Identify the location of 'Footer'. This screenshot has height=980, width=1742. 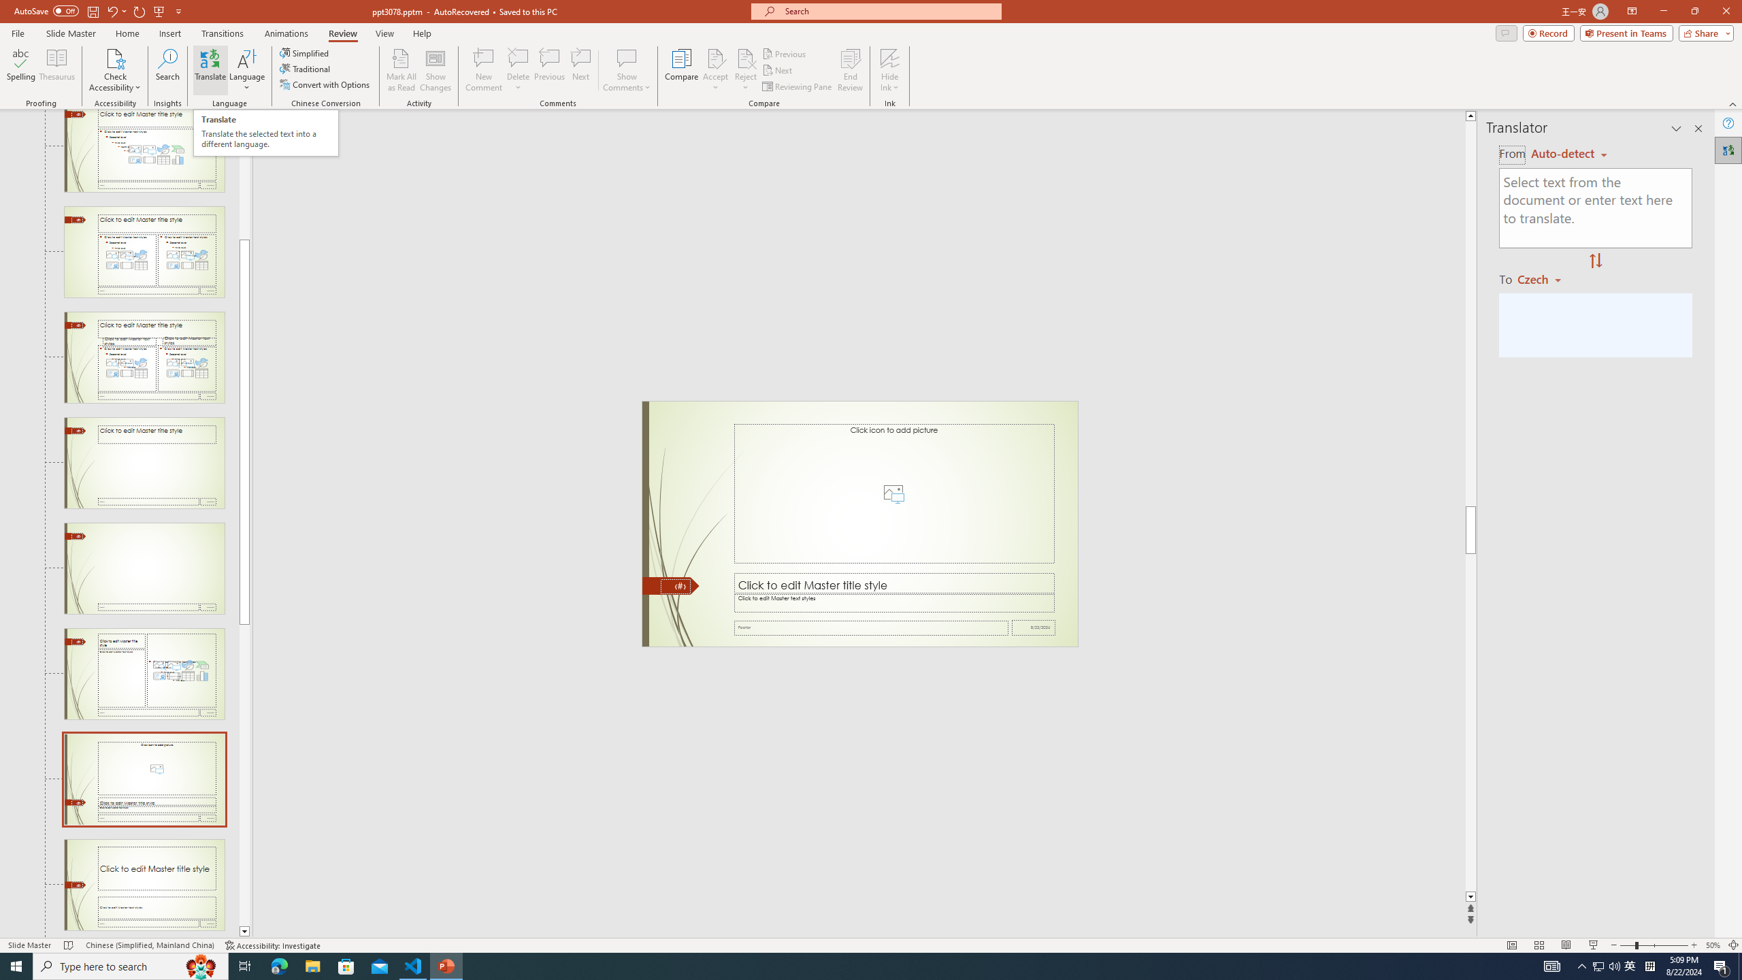
(871, 627).